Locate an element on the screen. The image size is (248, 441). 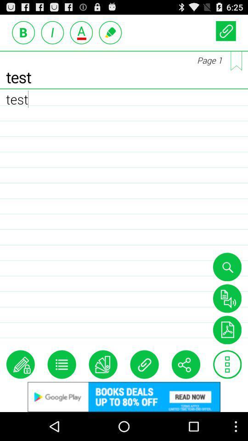
edit is located at coordinates (110, 32).